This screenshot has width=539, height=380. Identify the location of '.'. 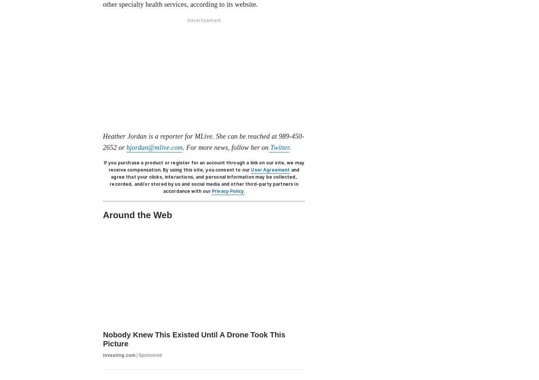
(289, 146).